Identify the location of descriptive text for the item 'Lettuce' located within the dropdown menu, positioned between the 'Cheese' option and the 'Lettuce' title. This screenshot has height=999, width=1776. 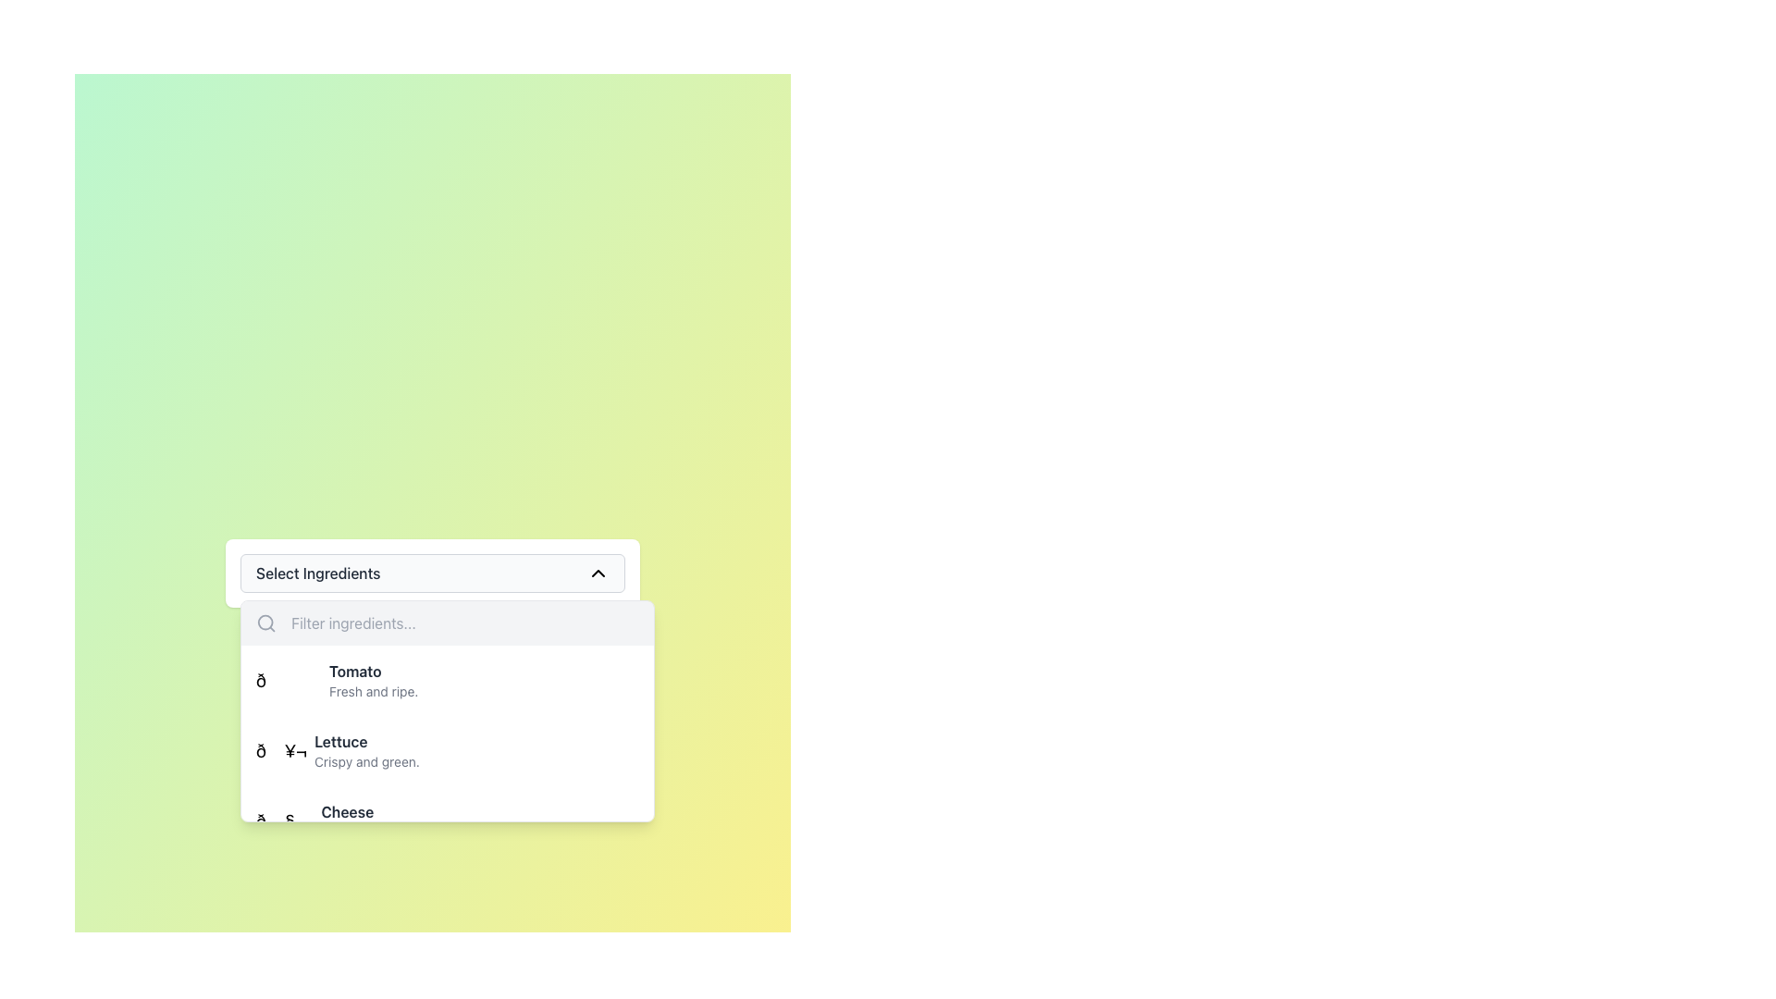
(367, 762).